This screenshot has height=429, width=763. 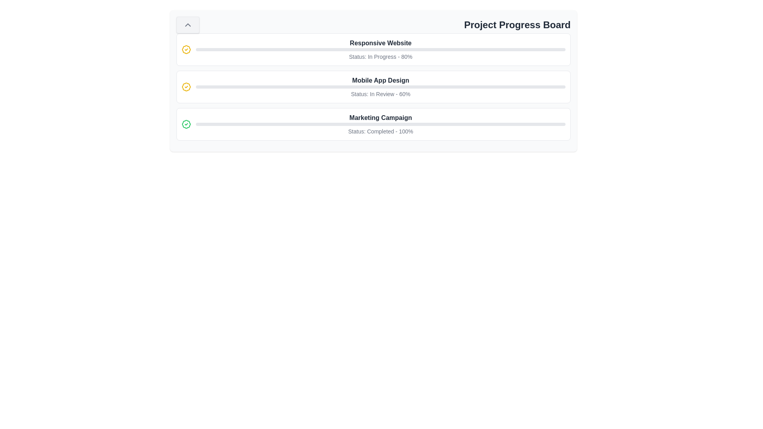 I want to click on the static text element displaying 'Status: Completed - 100%' which is styled in gray and located under the progress bar of 'Marketing Campaign', so click(x=380, y=131).